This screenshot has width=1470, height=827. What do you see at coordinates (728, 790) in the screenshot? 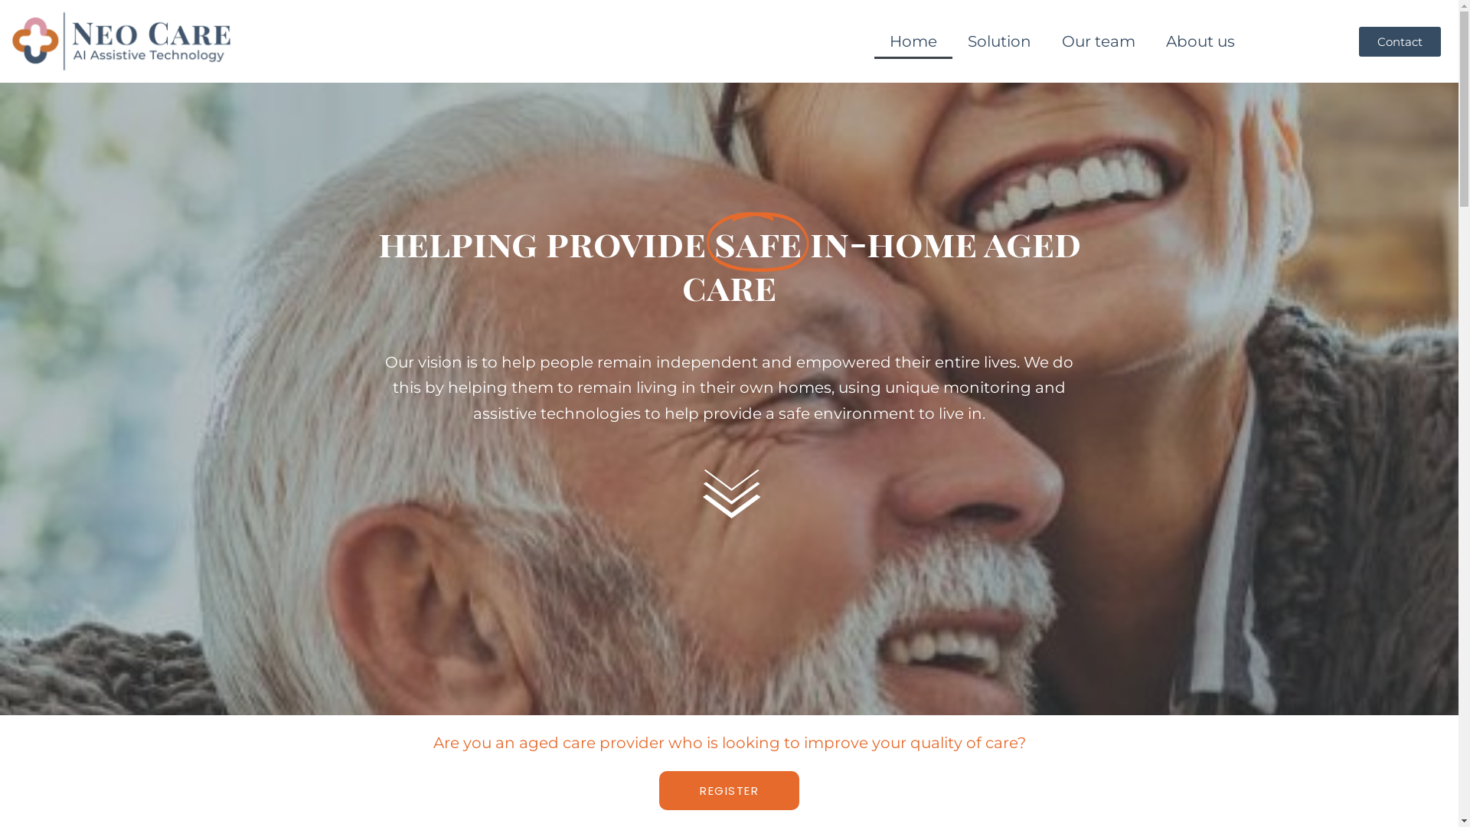
I see `'REGISTER'` at bounding box center [728, 790].